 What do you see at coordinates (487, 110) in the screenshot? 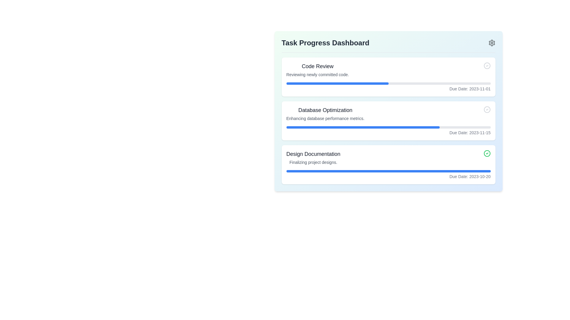
I see `the decorative or status-indicating SVG circle icon located to the right of the 'Database Optimization' task row in the task dashboard` at bounding box center [487, 110].